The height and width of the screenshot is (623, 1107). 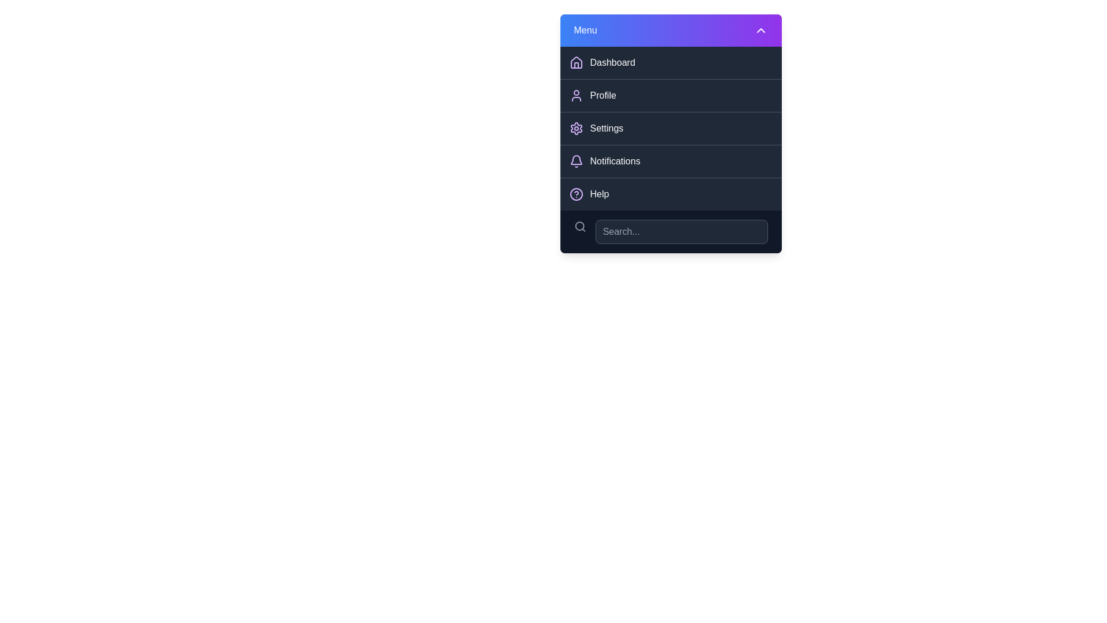 I want to click on the 'Dashboard' icon, which is the leftmost component of the 'Dashboard' menu item in the vertical navigation menu, from its current position, so click(x=576, y=62).